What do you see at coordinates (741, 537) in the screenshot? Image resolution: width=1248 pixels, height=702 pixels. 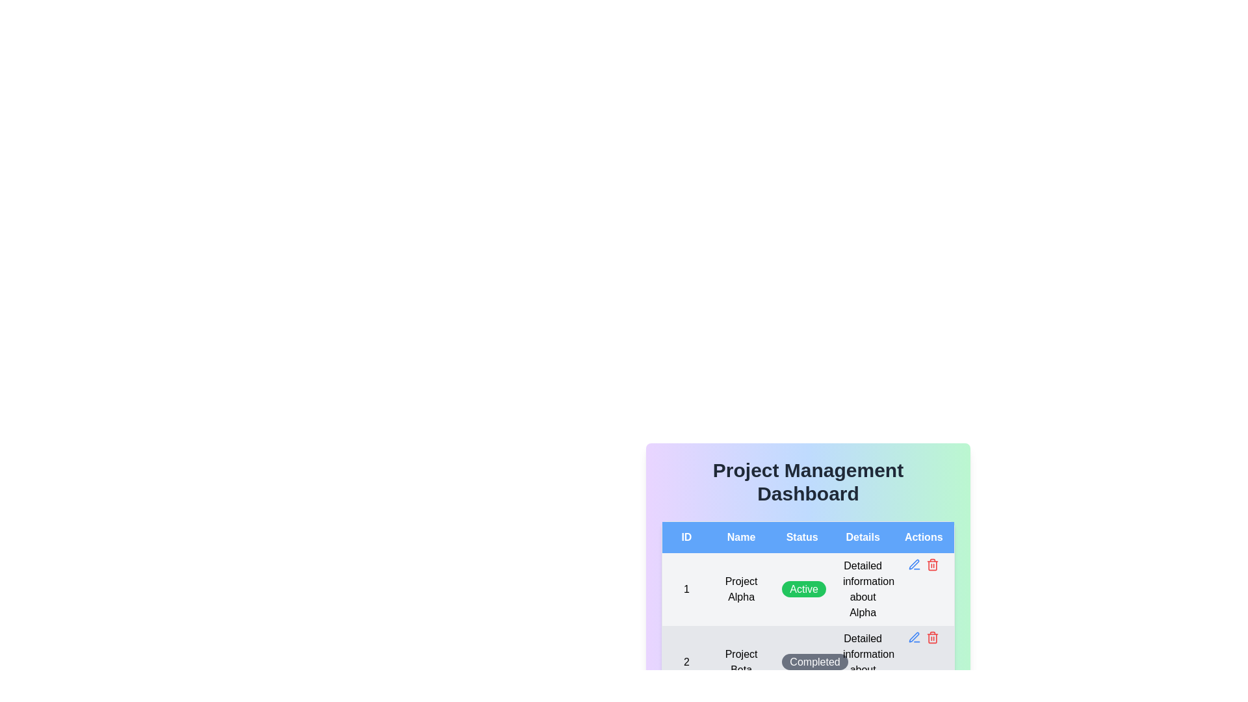 I see `the 'Name' column header cell in the table, which is the second header following the 'ID' header and preceding the 'Status' header` at bounding box center [741, 537].